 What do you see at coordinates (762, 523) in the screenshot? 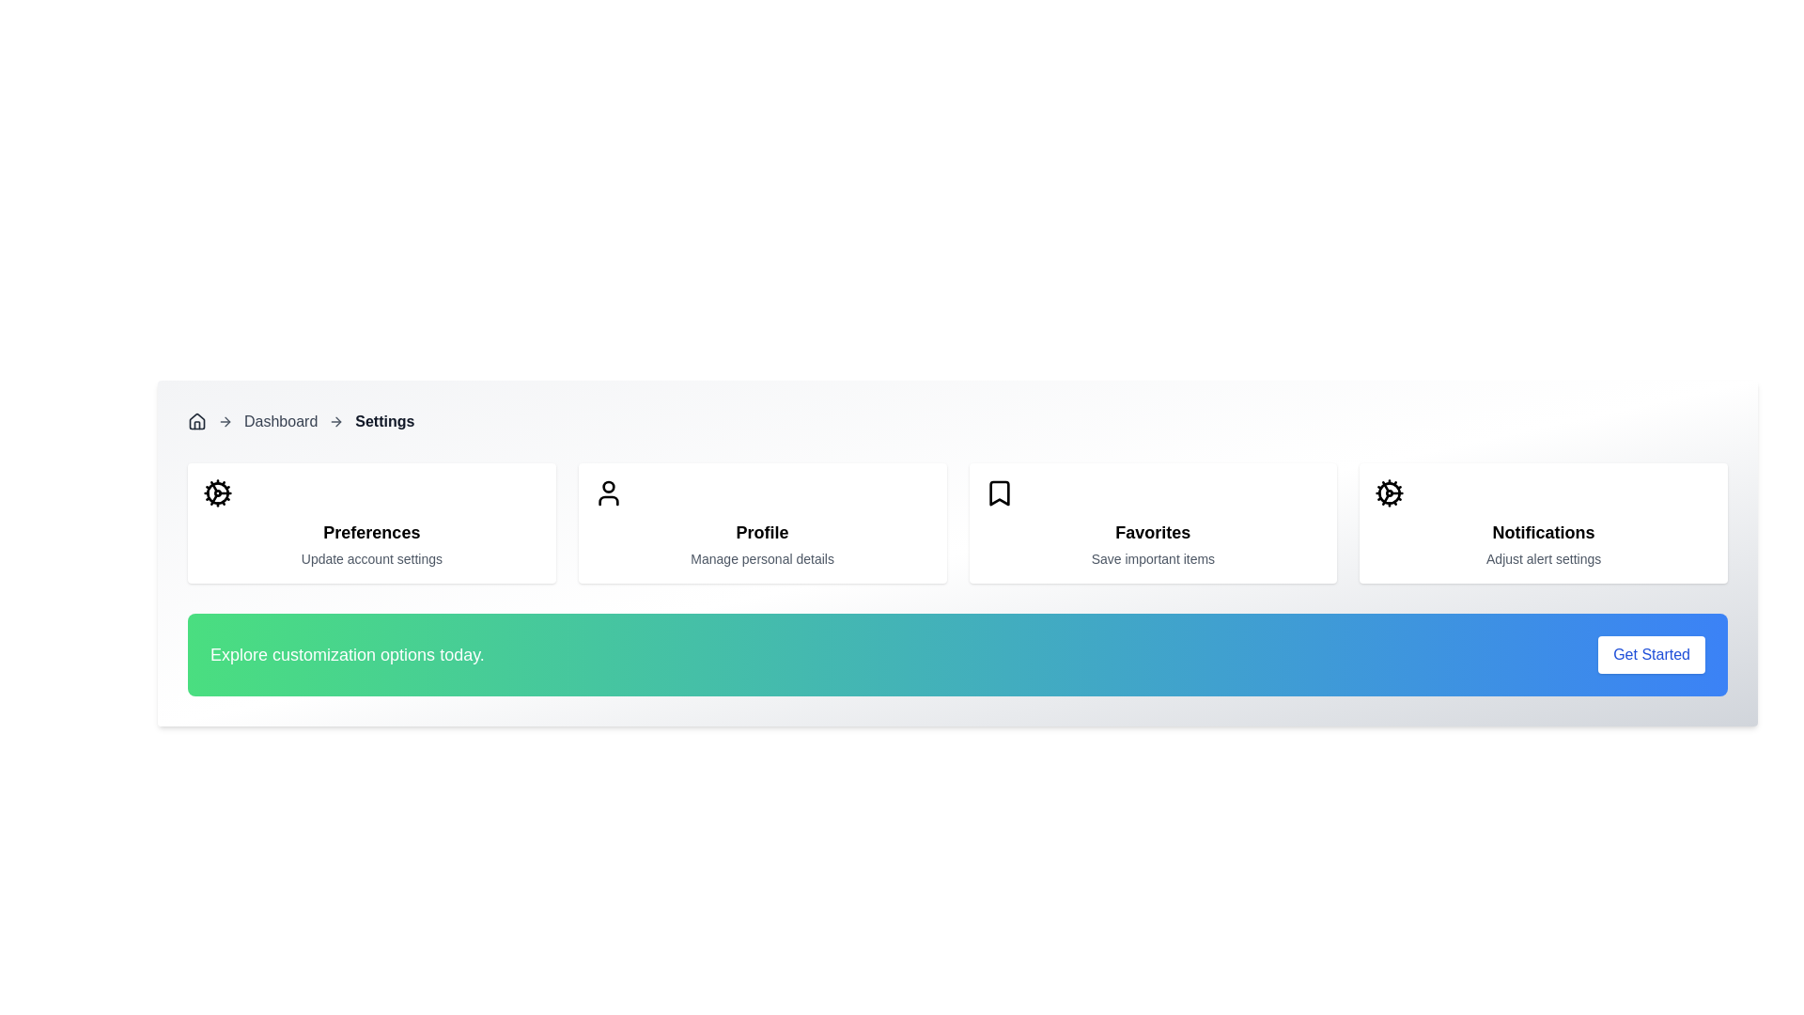
I see `the navigation card that is the second in a linear arrangement of four cards, located between the 'Preferences' and 'Favorites' cards` at bounding box center [762, 523].